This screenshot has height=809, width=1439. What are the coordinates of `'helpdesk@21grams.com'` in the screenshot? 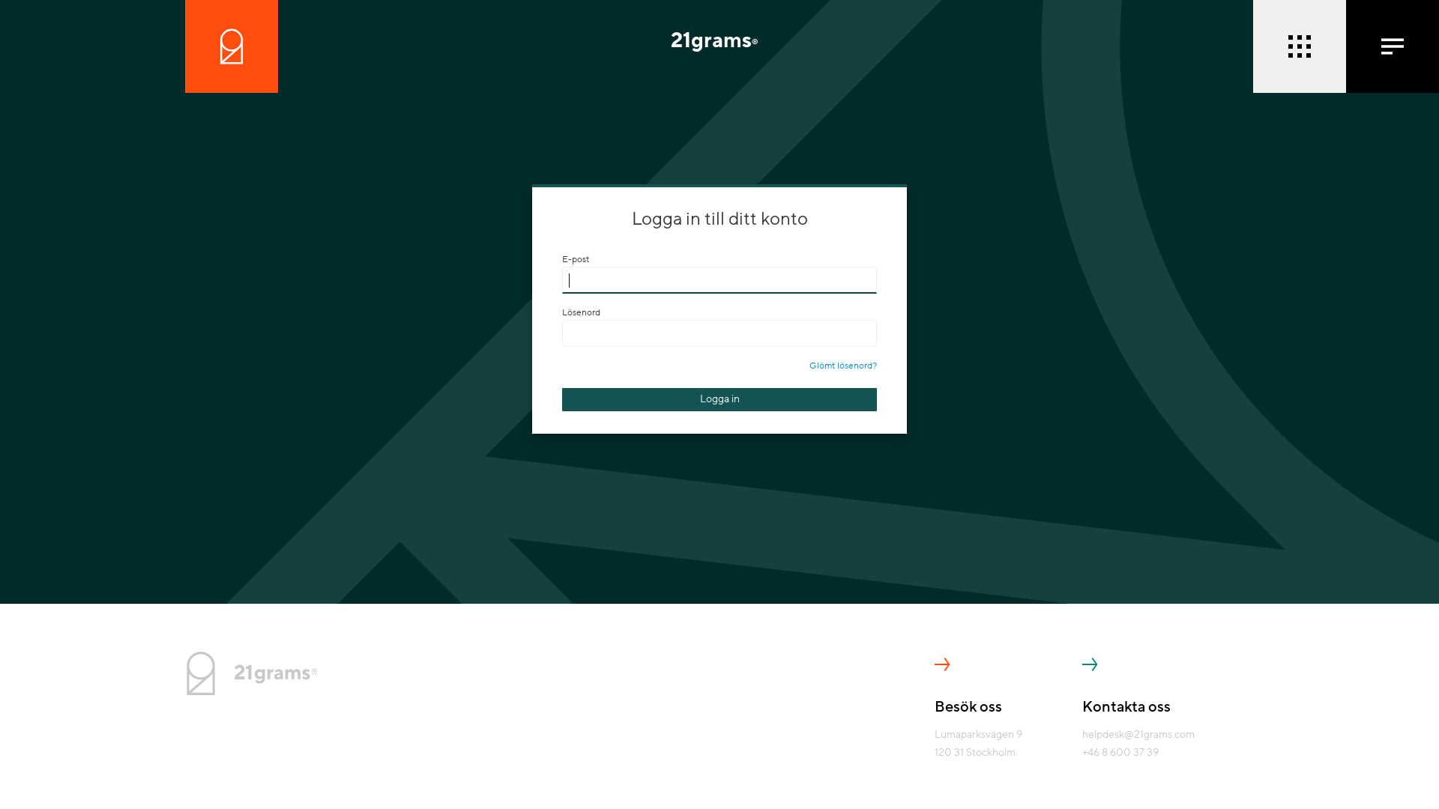 It's located at (1138, 733).